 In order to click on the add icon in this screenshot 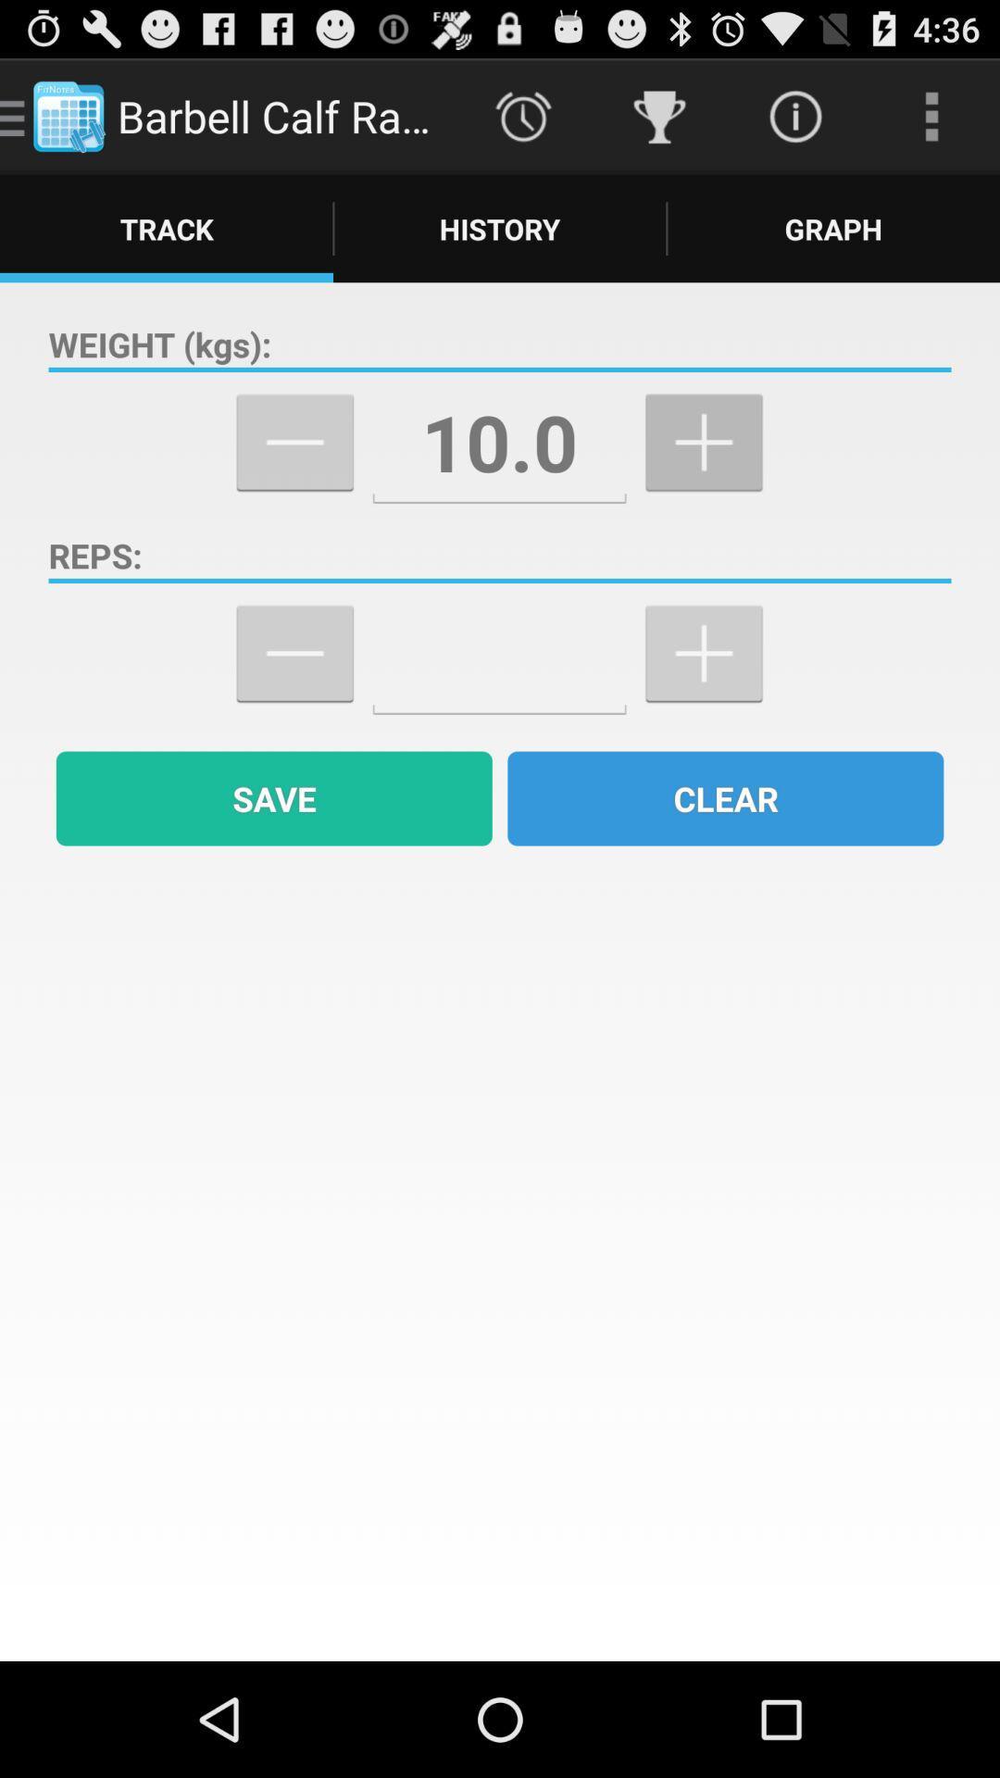, I will do `click(704, 473)`.